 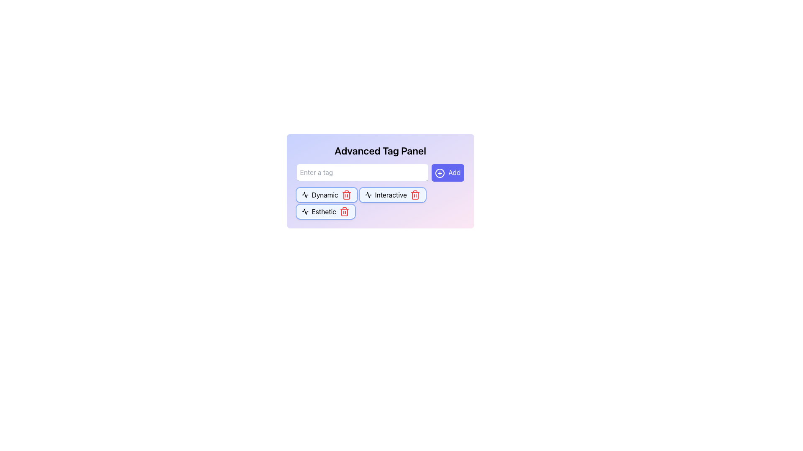 What do you see at coordinates (392, 195) in the screenshot?
I see `the Tag Button with the text 'Interactive', which is the second button among three horizontally aligned buttons` at bounding box center [392, 195].